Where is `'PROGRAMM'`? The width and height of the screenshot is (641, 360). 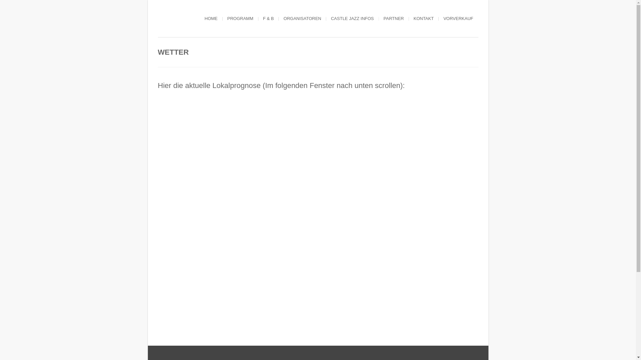 'PROGRAMM' is located at coordinates (240, 18).